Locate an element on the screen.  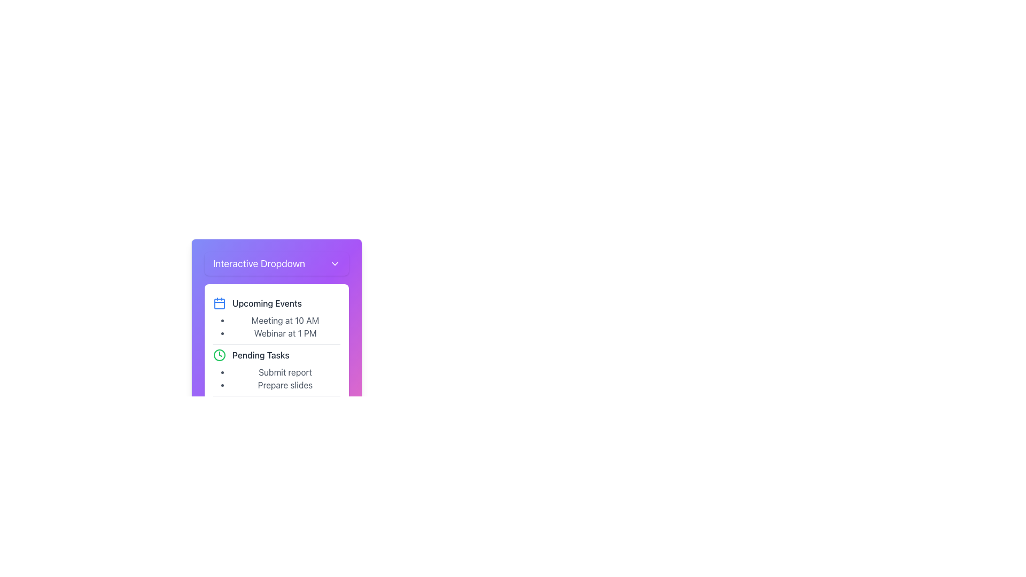
the dropdown menu icon located at the top-right corner of the 'Interactive Dropdown' button is located at coordinates (335, 263).